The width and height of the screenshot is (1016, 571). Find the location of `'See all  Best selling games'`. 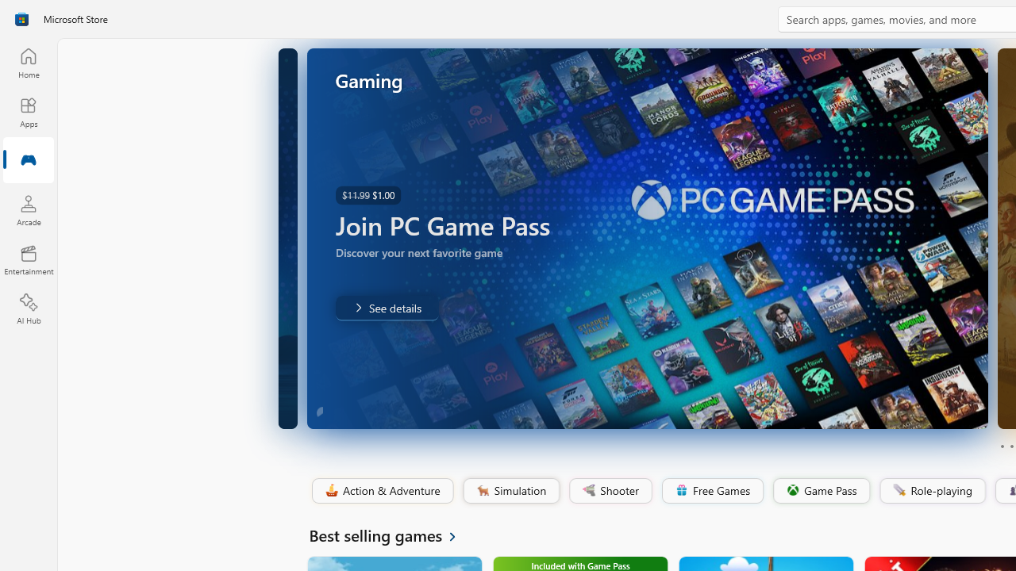

'See all  Best selling games' is located at coordinates (392, 535).